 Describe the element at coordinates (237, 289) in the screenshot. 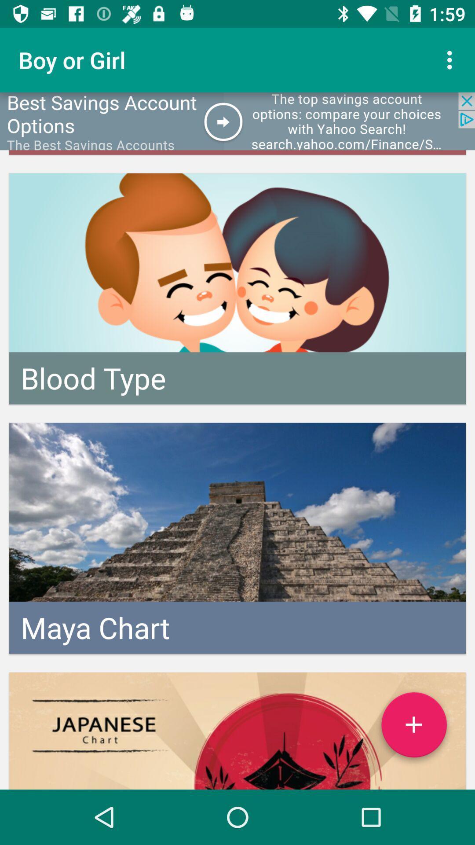

I see `the first image` at that location.